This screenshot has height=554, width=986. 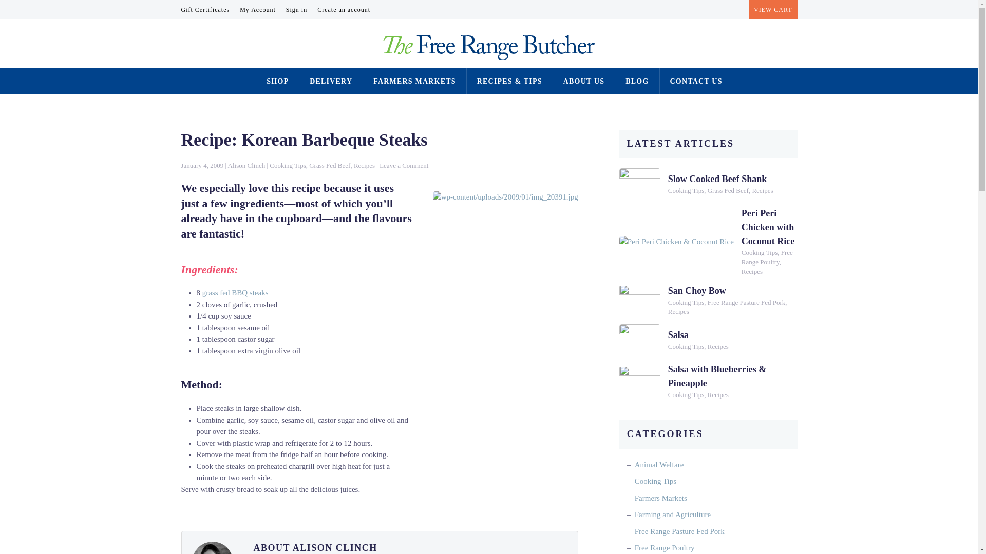 What do you see at coordinates (235, 292) in the screenshot?
I see `'grass fed BBQ steaks'` at bounding box center [235, 292].